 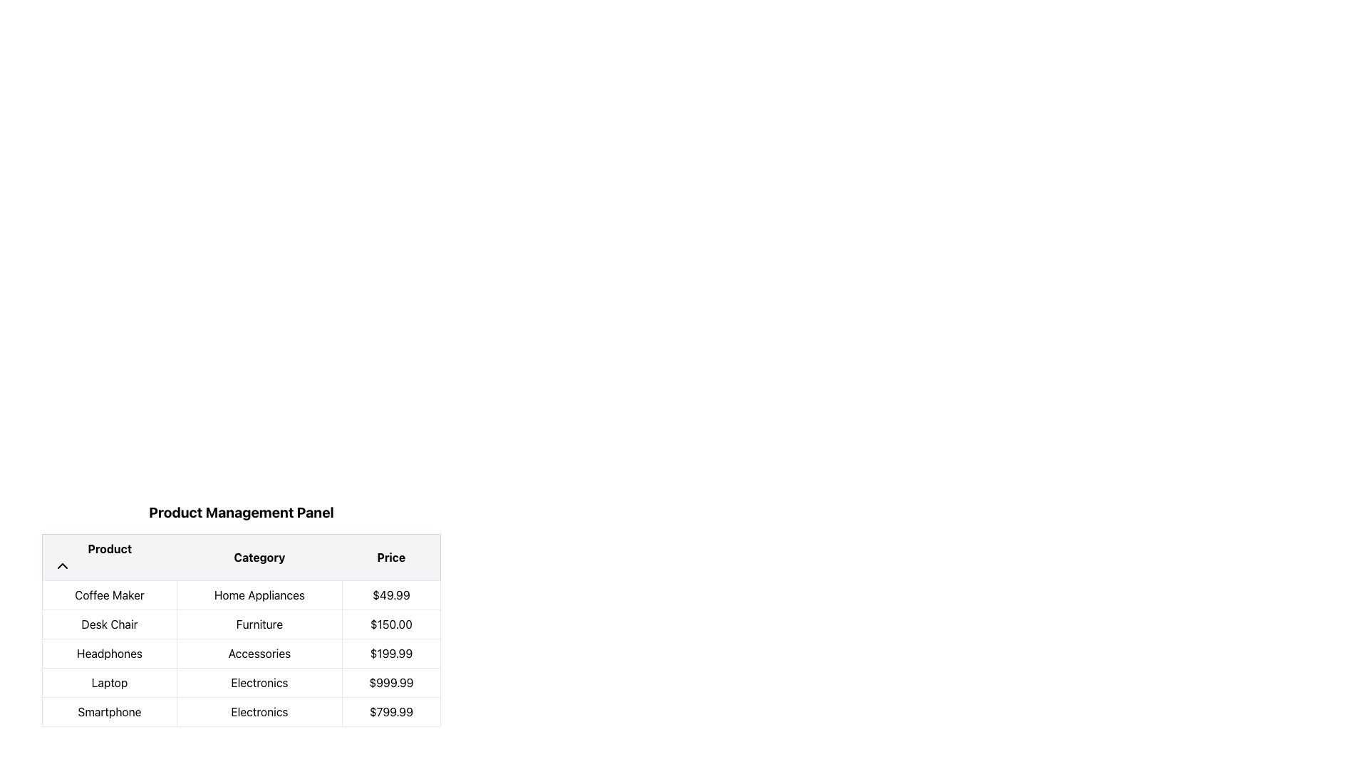 What do you see at coordinates (259, 557) in the screenshot?
I see `text displayed in the 'Category' column header, which is the second column header in a three-column table structure` at bounding box center [259, 557].